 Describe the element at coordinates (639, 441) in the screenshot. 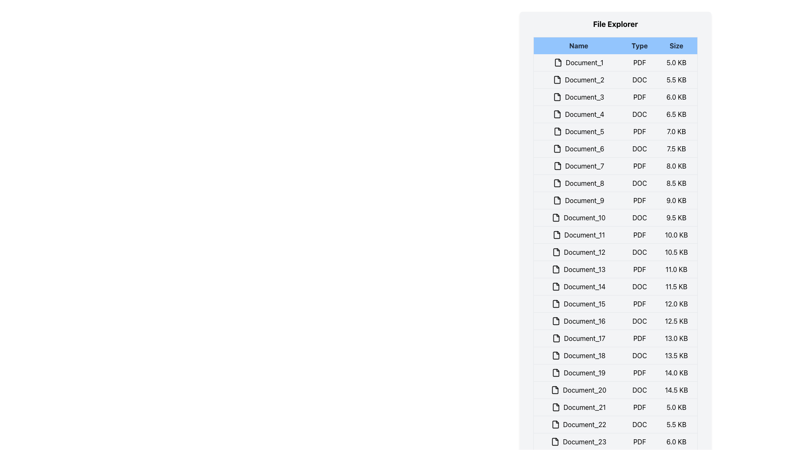

I see `the text label displaying 'PDF' in uppercase letters, located in the 'Type' column of the row labeled 'Document_23'` at that location.